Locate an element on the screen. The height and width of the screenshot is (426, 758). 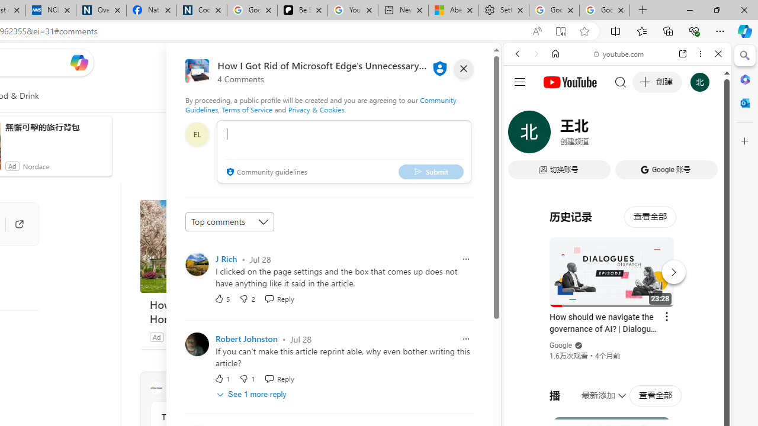
'Go to publisher' is located at coordinates (13, 224).